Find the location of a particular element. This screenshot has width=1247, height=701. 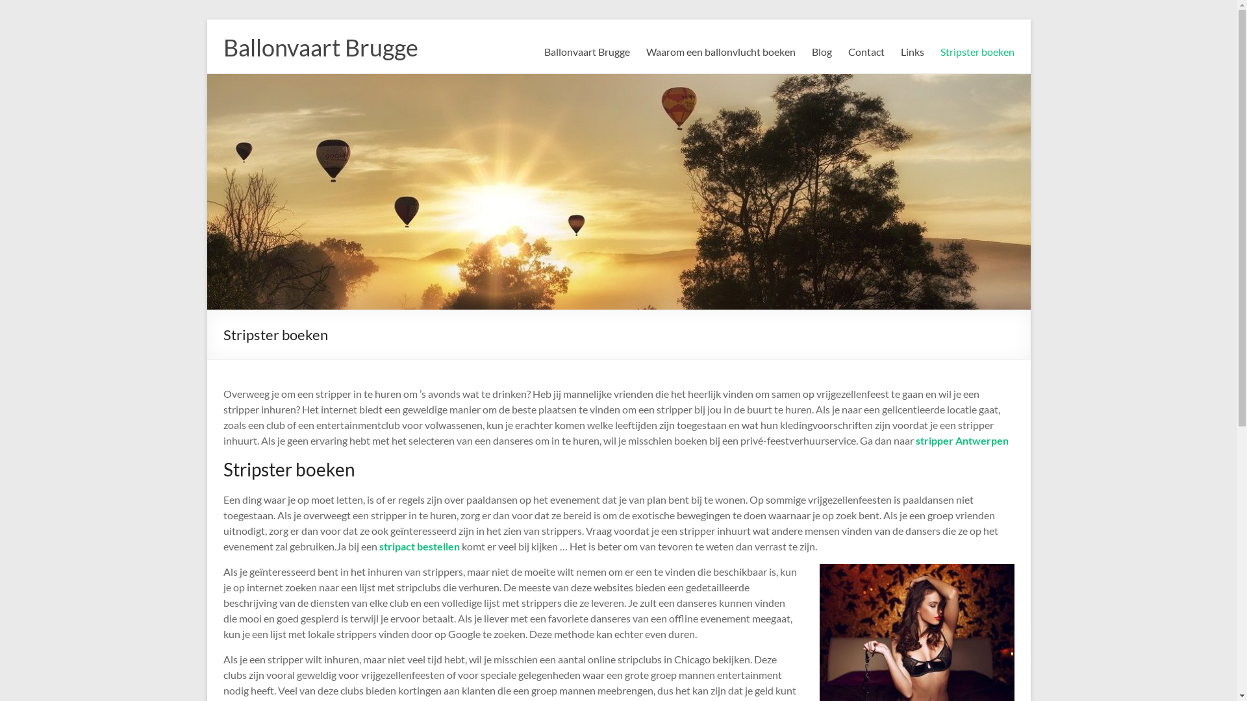

'Skip to content' is located at coordinates (205, 19).